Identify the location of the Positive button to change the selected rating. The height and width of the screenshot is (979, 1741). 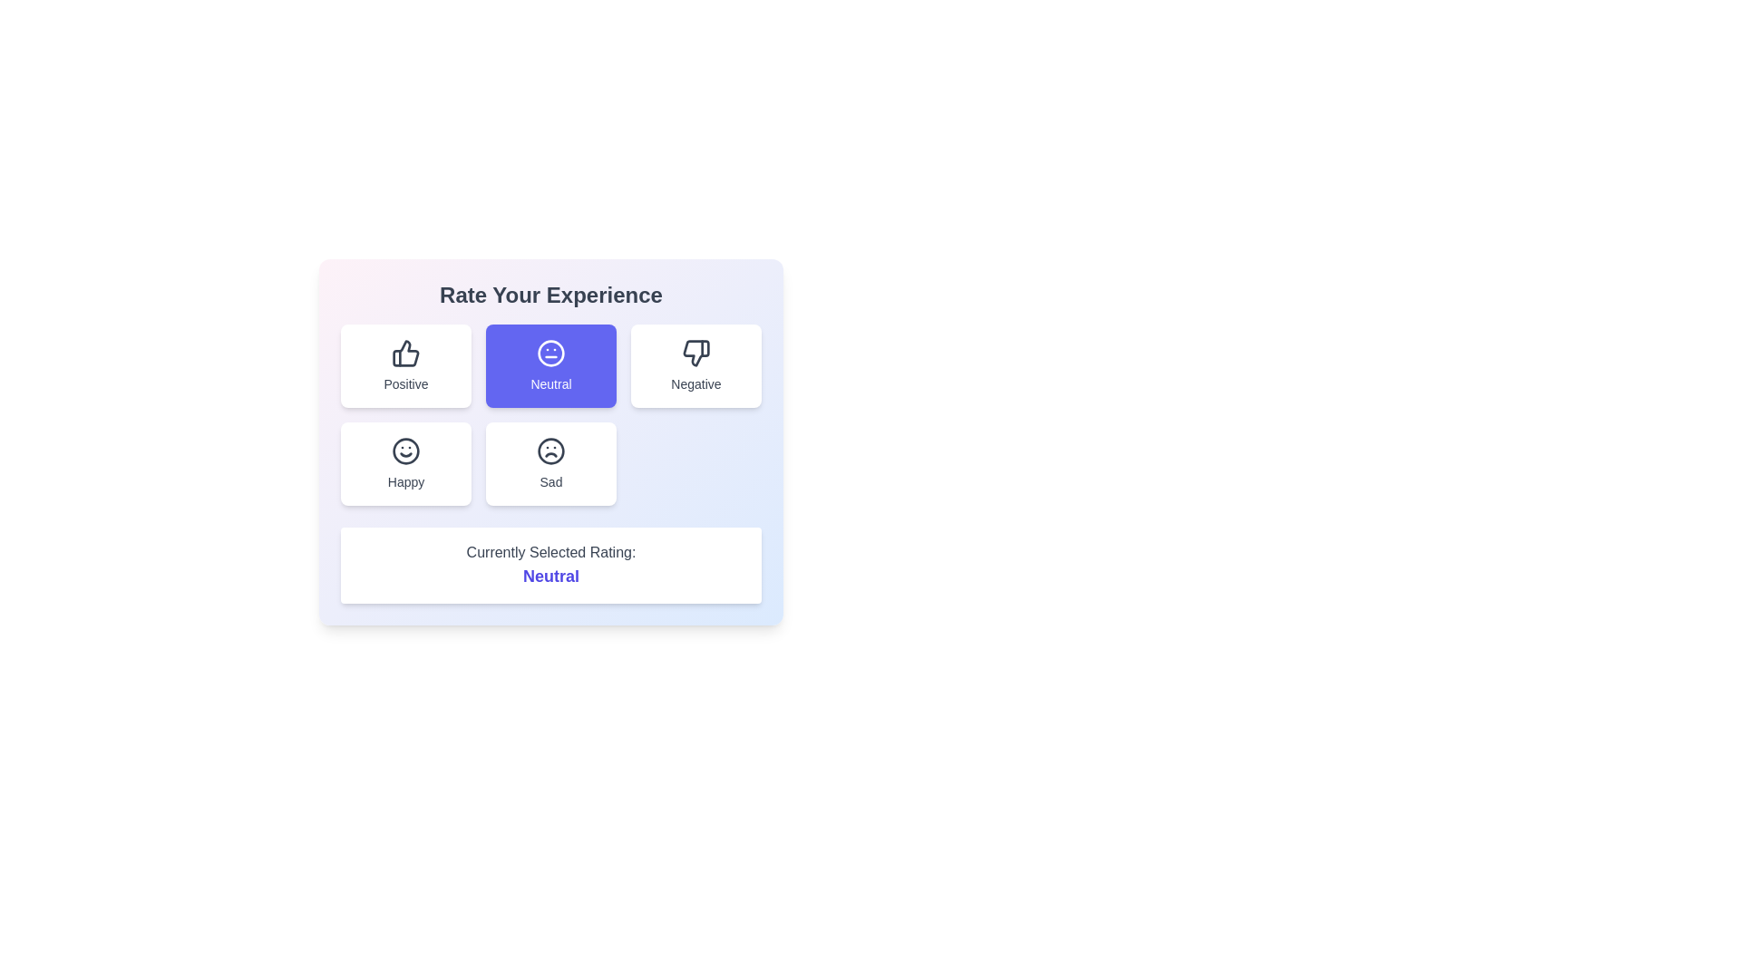
(404, 366).